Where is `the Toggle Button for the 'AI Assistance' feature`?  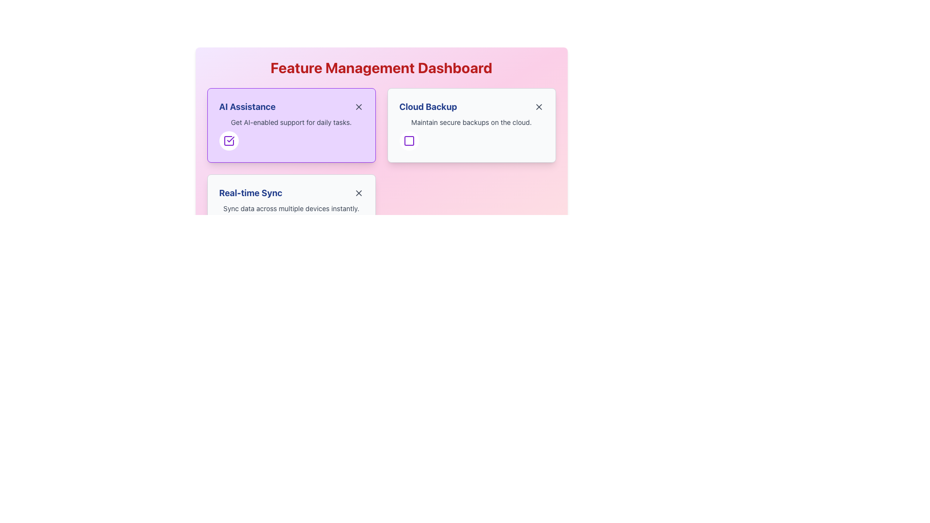 the Toggle Button for the 'AI Assistance' feature is located at coordinates (228, 140).